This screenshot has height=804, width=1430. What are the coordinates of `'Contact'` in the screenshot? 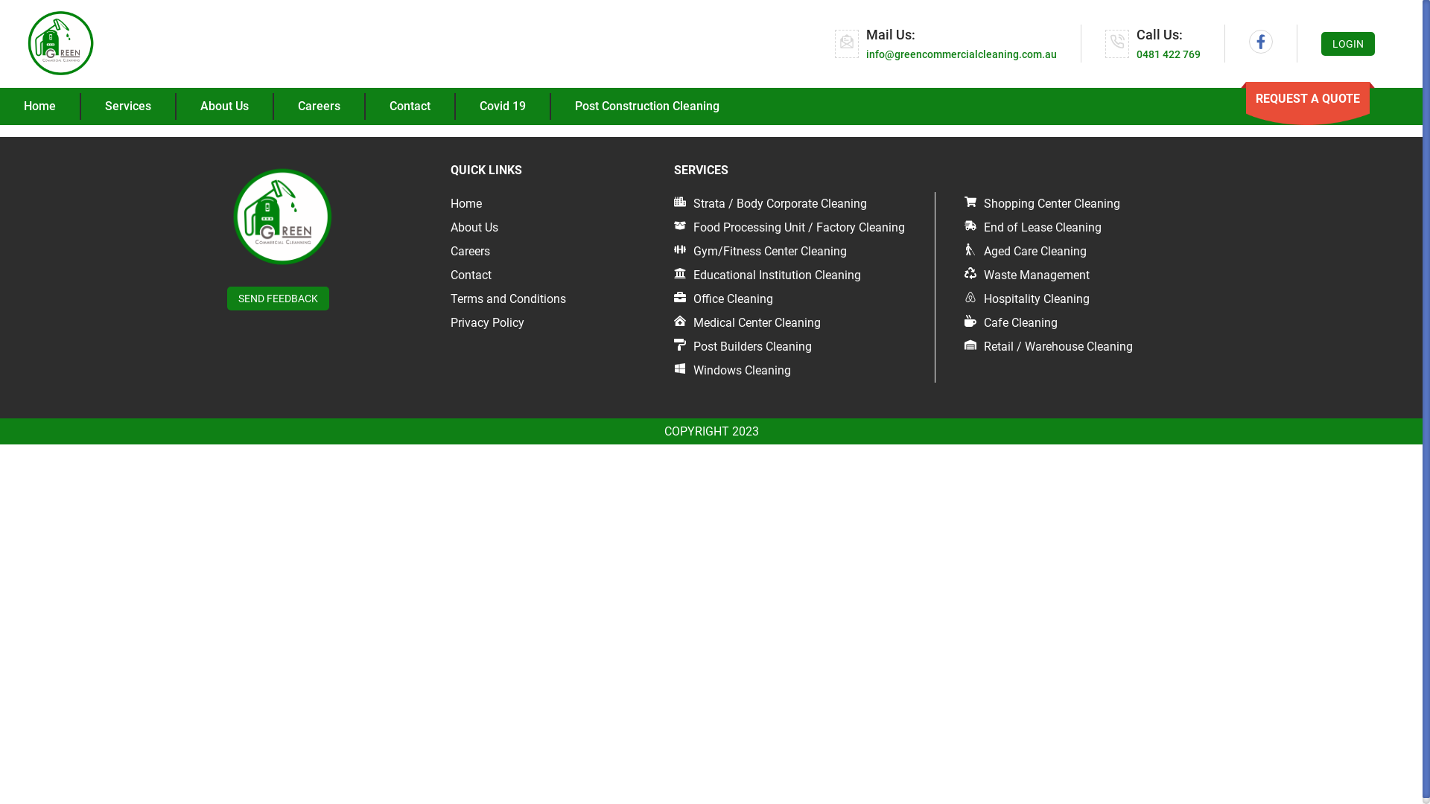 It's located at (470, 275).